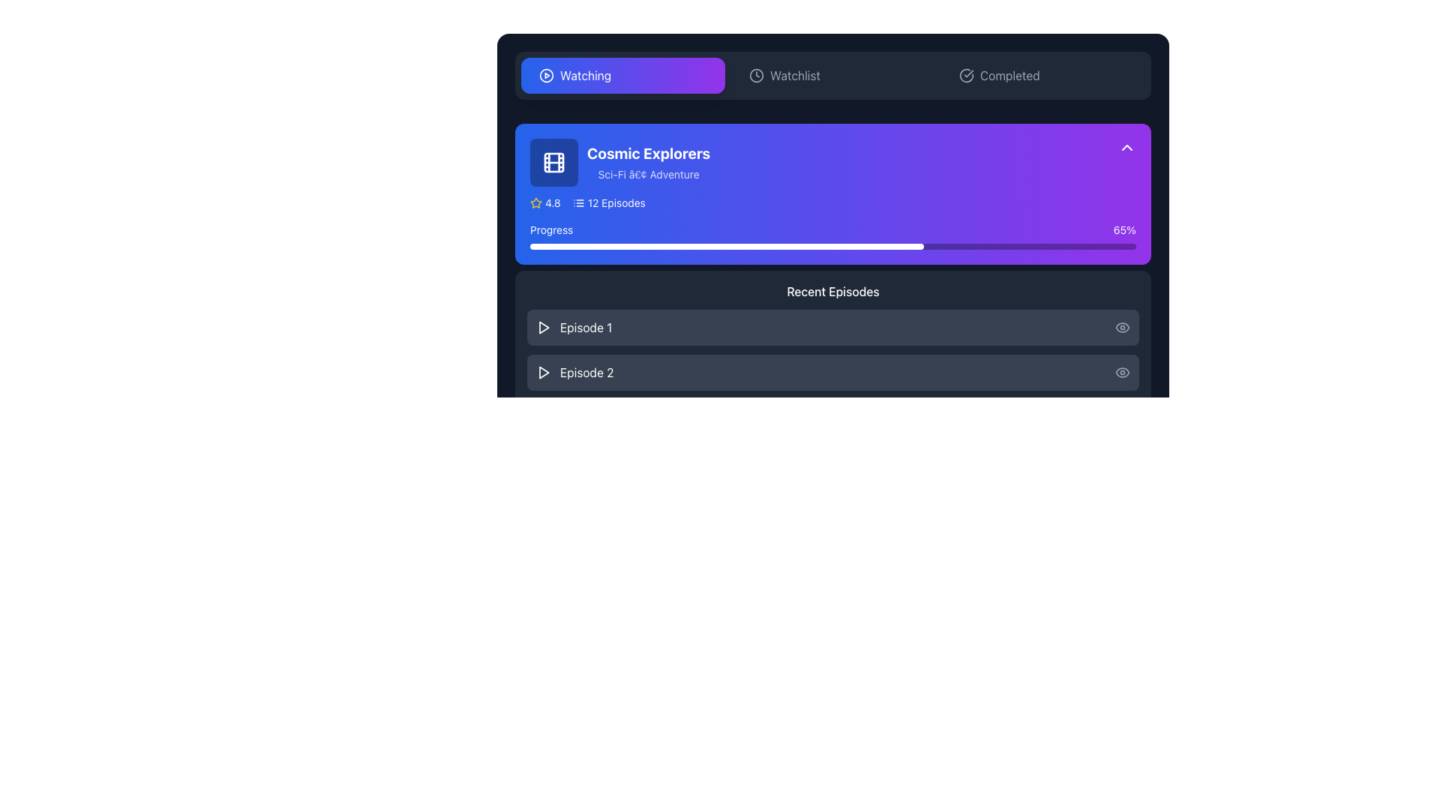 The height and width of the screenshot is (810, 1440). What do you see at coordinates (546, 75) in the screenshot?
I see `the outer circular border of the play button icon located in the top navigation bar, to the left of the 'Watching' tab` at bounding box center [546, 75].